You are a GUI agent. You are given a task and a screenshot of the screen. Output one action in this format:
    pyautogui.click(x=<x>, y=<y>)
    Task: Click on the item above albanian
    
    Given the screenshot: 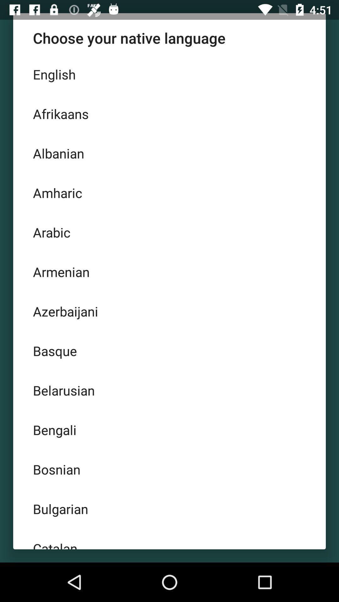 What is the action you would take?
    pyautogui.click(x=169, y=114)
    